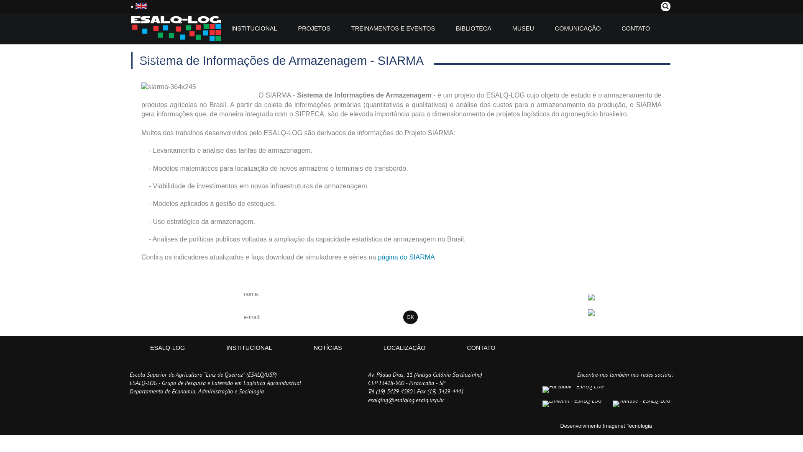  Describe the element at coordinates (473, 28) in the screenshot. I see `'BIBLIOTECA'` at that location.